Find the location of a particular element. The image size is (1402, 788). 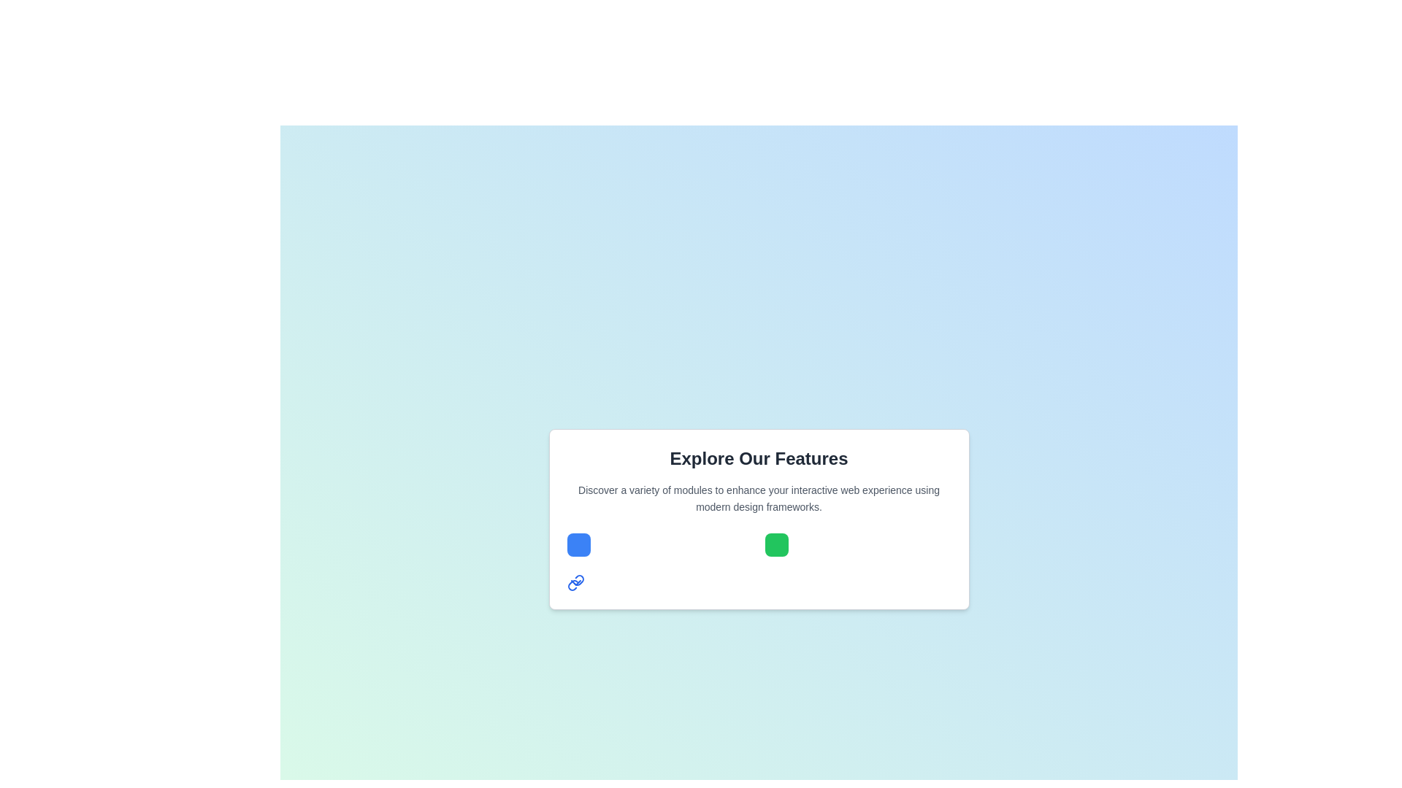

the button labeled 'Feature 1' located in the top-left part of the grid is located at coordinates (578, 544).